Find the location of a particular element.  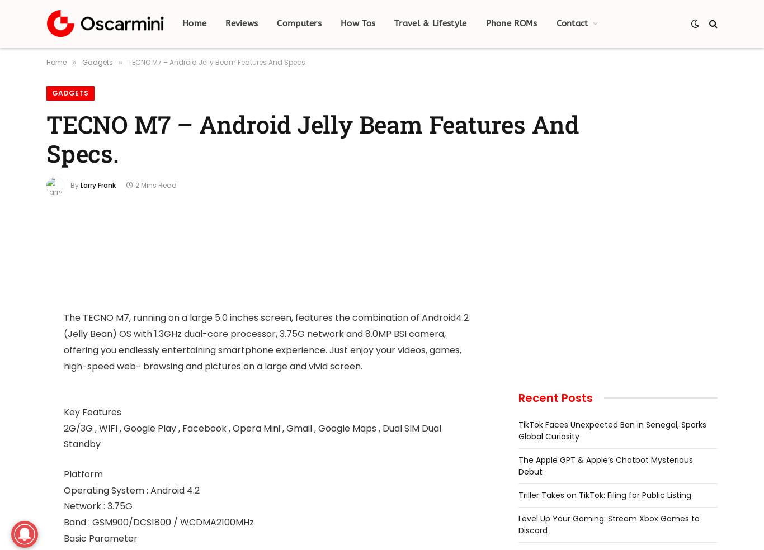

'How Tos' is located at coordinates (357, 23).